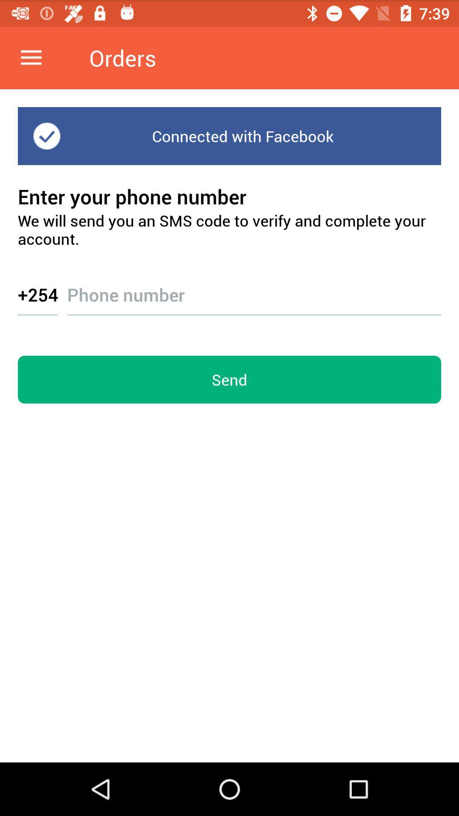  I want to click on the icon below we will send, so click(37, 294).